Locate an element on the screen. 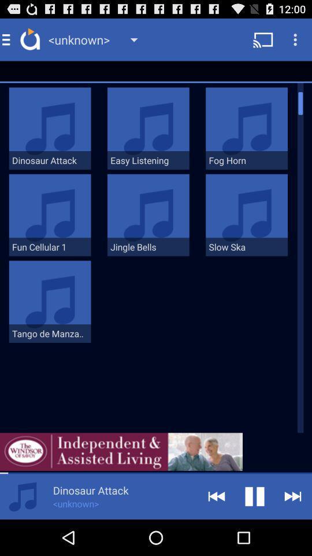 This screenshot has width=312, height=556. the skip_next icon is located at coordinates (293, 531).